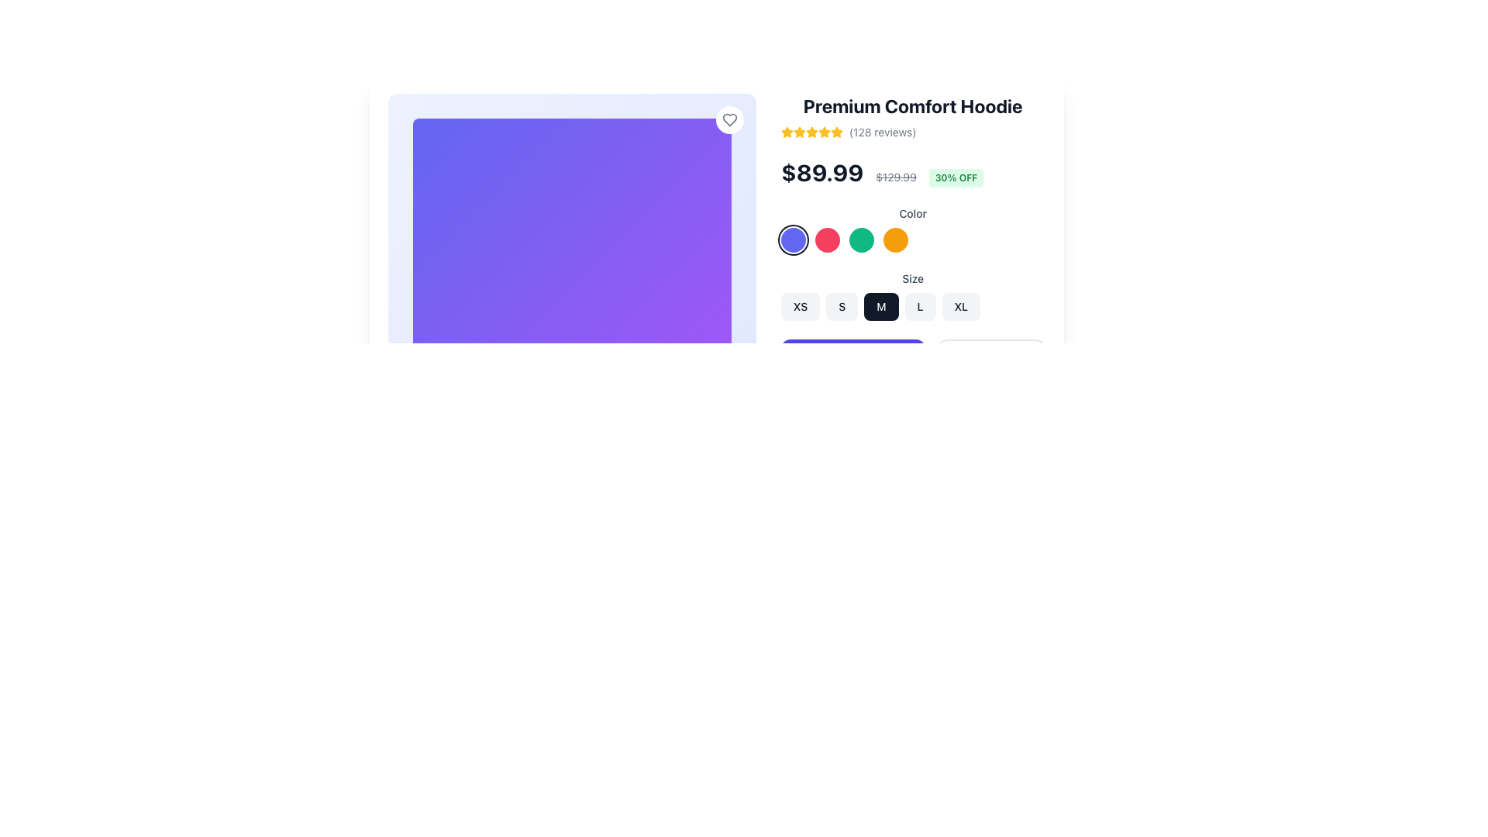 The height and width of the screenshot is (837, 1488). What do you see at coordinates (800, 131) in the screenshot?
I see `the third star icon in the rating system, which represents an active or selected state in the review score display` at bounding box center [800, 131].